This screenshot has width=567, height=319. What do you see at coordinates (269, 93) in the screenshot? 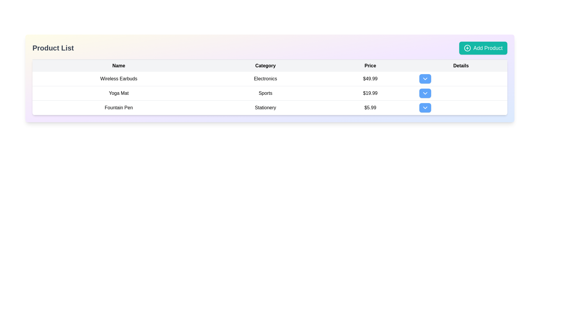
I see `the second row in the table containing 'Yoga Mat', 'Sports', and '$19.99'` at bounding box center [269, 93].